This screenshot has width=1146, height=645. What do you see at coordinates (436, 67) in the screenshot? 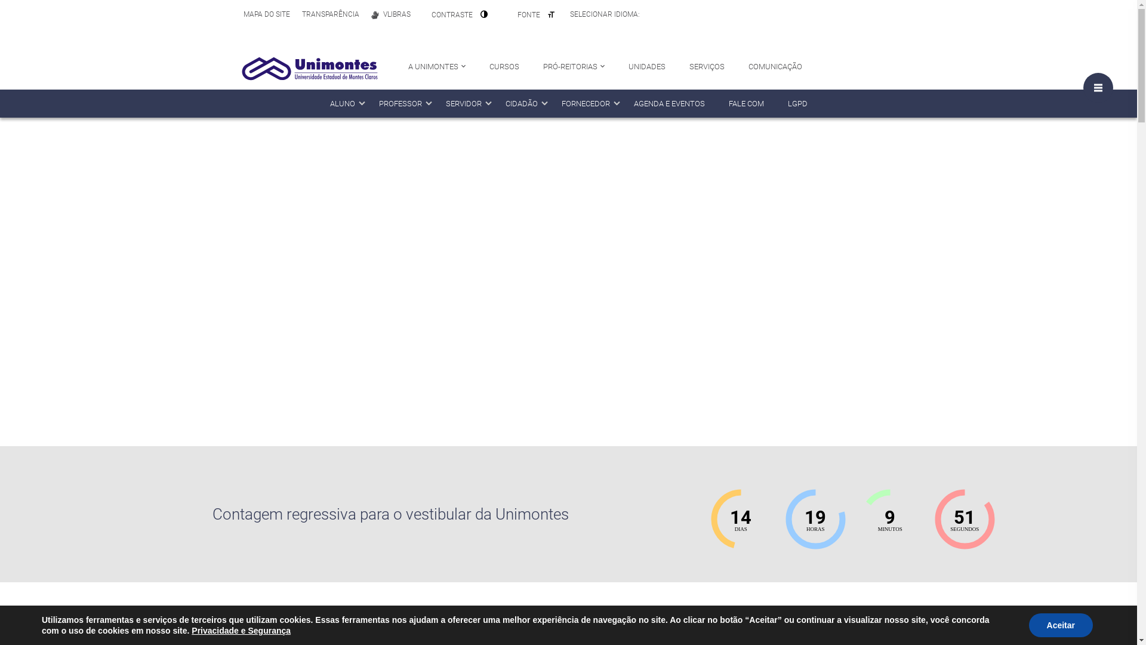
I see `'A UNIMONTES'` at bounding box center [436, 67].